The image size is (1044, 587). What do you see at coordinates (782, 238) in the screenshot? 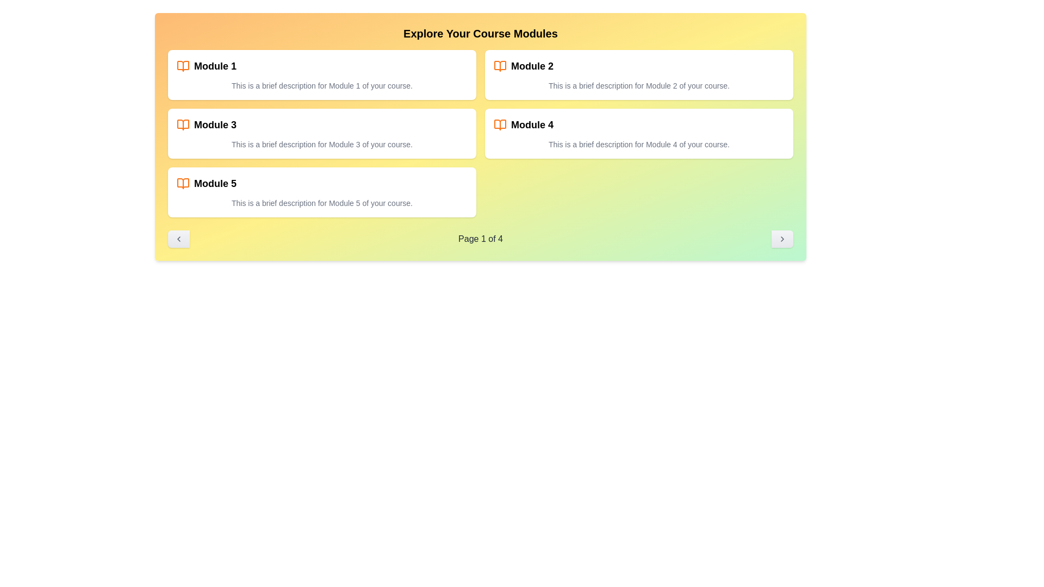
I see `the thin right-pointing chevron arrow icon located within the rounded rectangular button at the bottom-right corner` at bounding box center [782, 238].